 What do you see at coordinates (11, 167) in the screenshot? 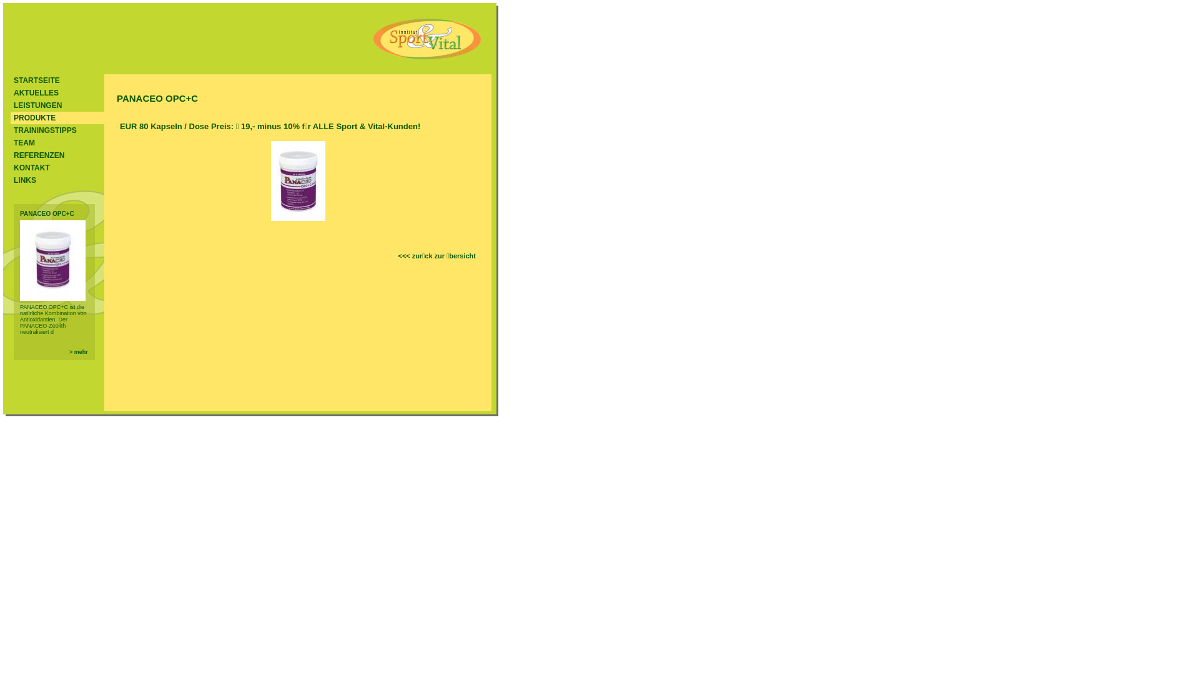
I see `'KONTAKT'` at bounding box center [11, 167].